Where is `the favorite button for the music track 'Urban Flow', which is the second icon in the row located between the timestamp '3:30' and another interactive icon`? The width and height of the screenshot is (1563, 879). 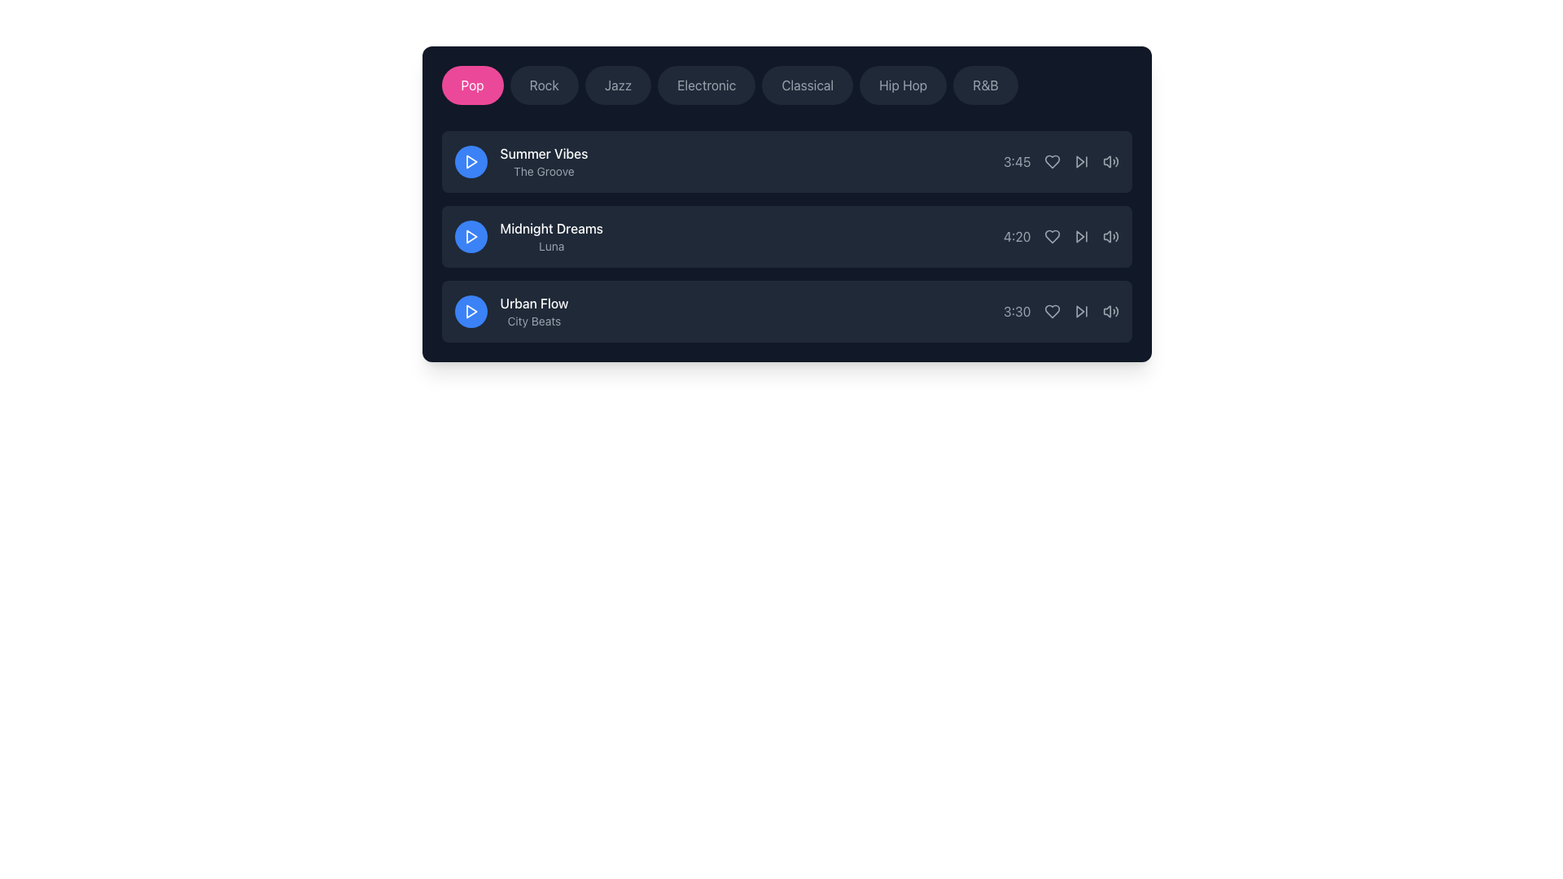 the favorite button for the music track 'Urban Flow', which is the second icon in the row located between the timestamp '3:30' and another interactive icon is located at coordinates (1052, 311).